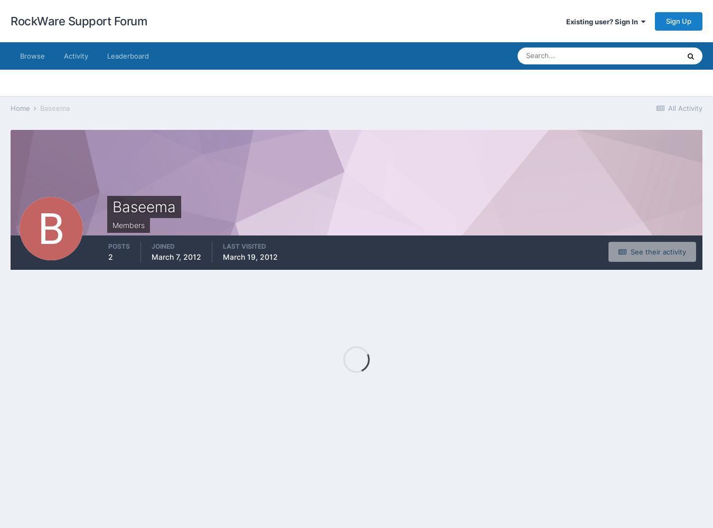 This screenshot has width=713, height=528. I want to click on 'Topics', so click(609, 112).